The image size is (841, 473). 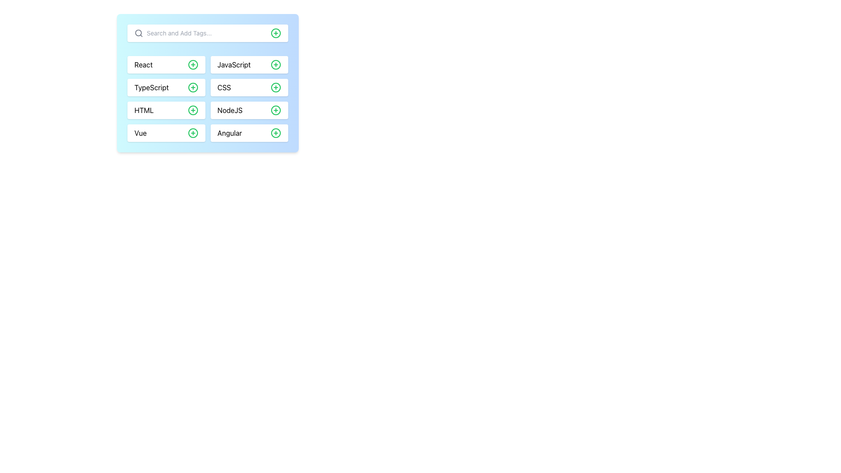 What do you see at coordinates (141, 133) in the screenshot?
I see `the text label 'Vue' displayed in bold black font, which is part of a selectable button with a white background and rounded corners, located in the bottom-left corner of the grid layout` at bounding box center [141, 133].